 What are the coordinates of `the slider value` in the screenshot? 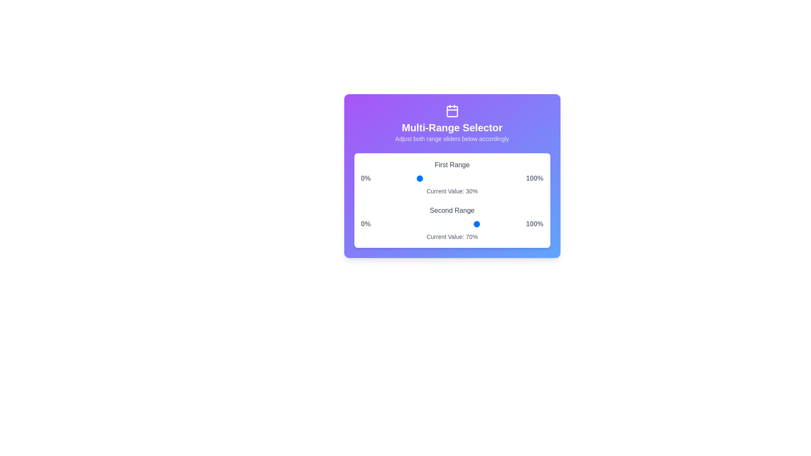 It's located at (393, 178).